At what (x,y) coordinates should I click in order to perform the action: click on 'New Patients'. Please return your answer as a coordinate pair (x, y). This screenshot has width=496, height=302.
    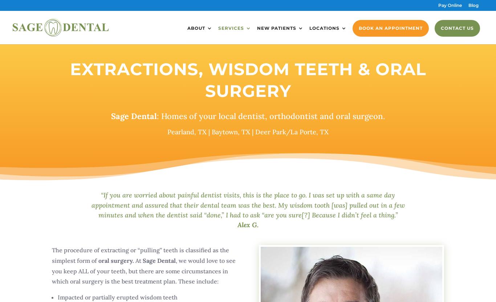
    Looking at the image, I should click on (276, 28).